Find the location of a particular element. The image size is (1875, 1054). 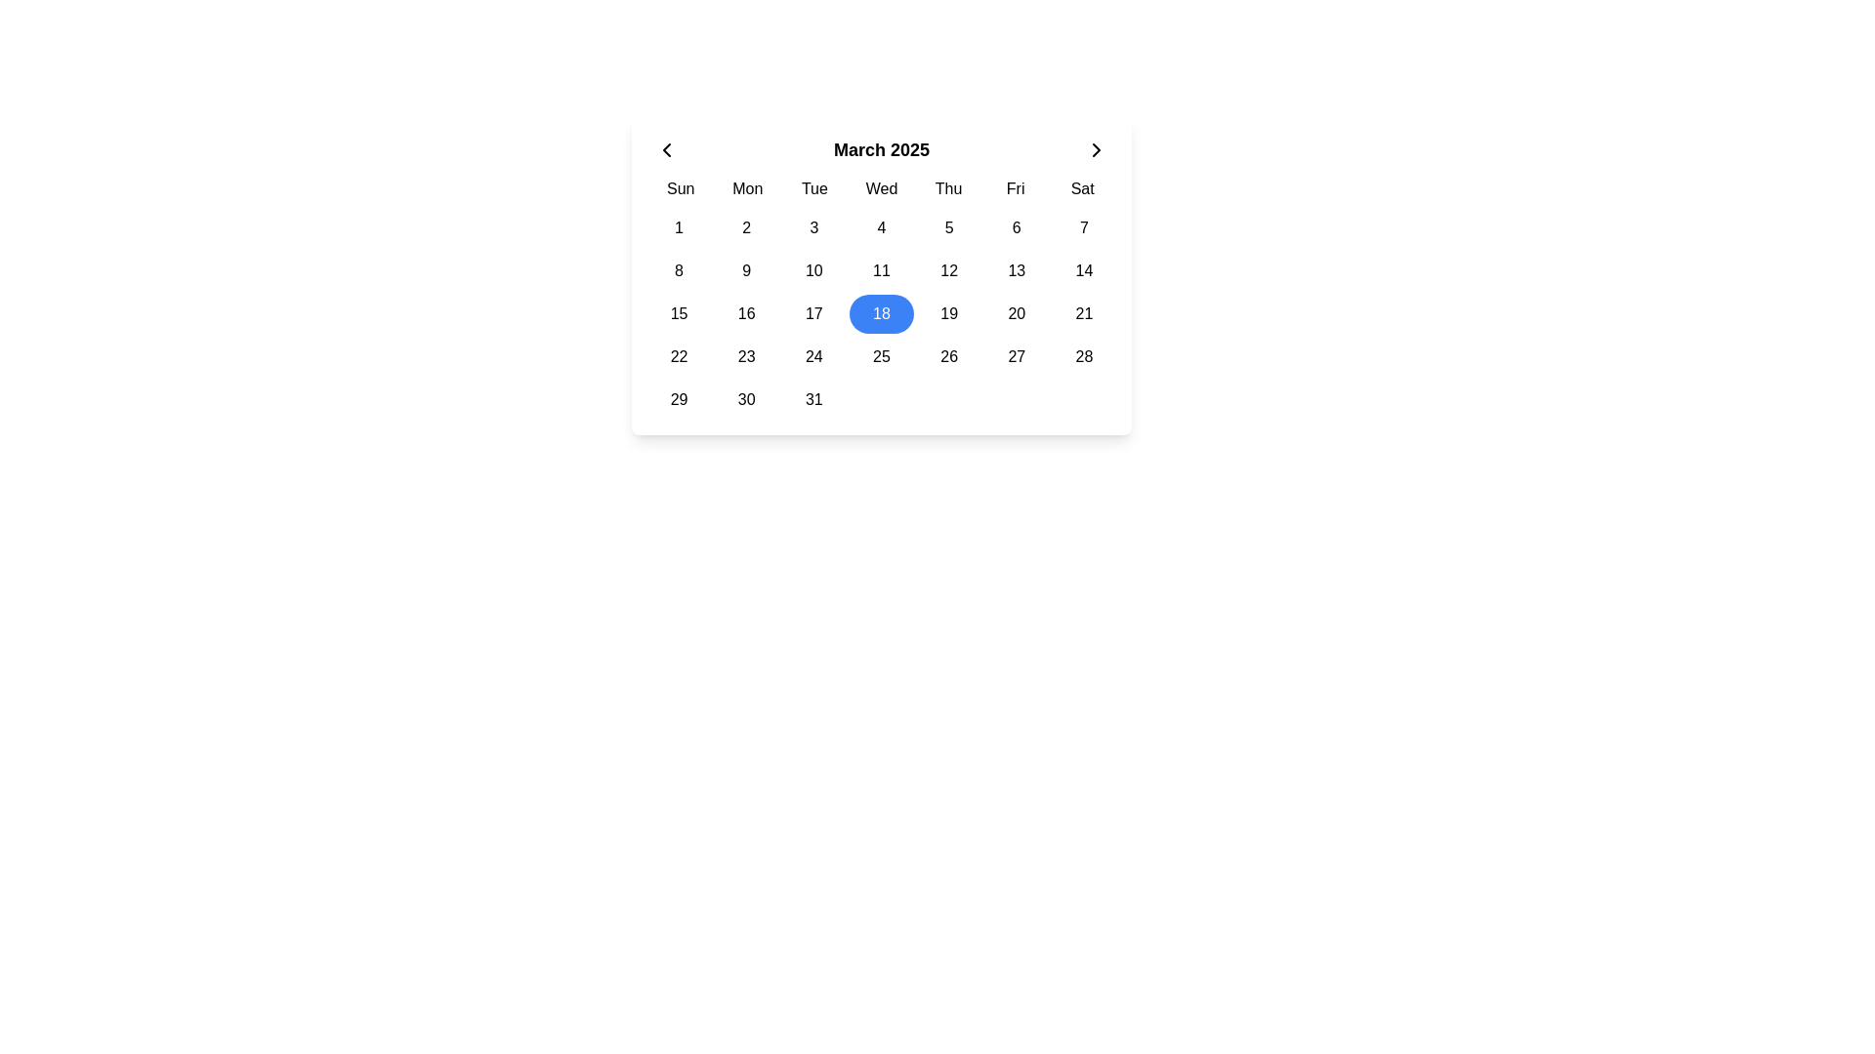

the selectable calendar day located in the fourth row and first column of the grid is located at coordinates (679, 357).